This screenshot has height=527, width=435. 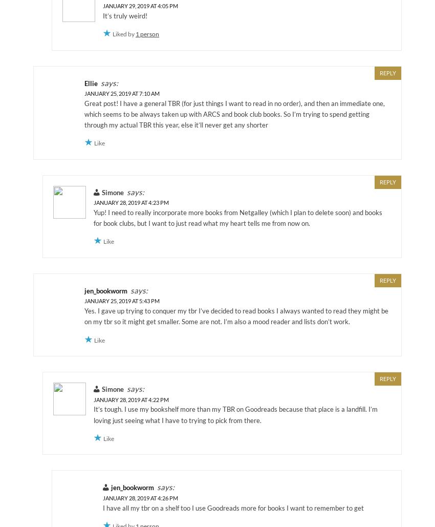 What do you see at coordinates (146, 34) in the screenshot?
I see `'1 person'` at bounding box center [146, 34].